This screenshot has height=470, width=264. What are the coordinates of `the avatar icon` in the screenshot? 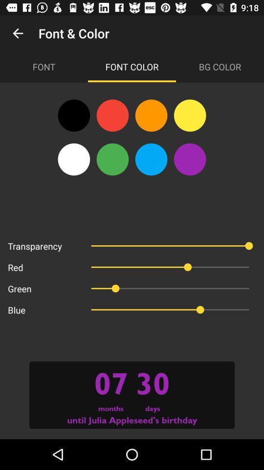 It's located at (190, 159).